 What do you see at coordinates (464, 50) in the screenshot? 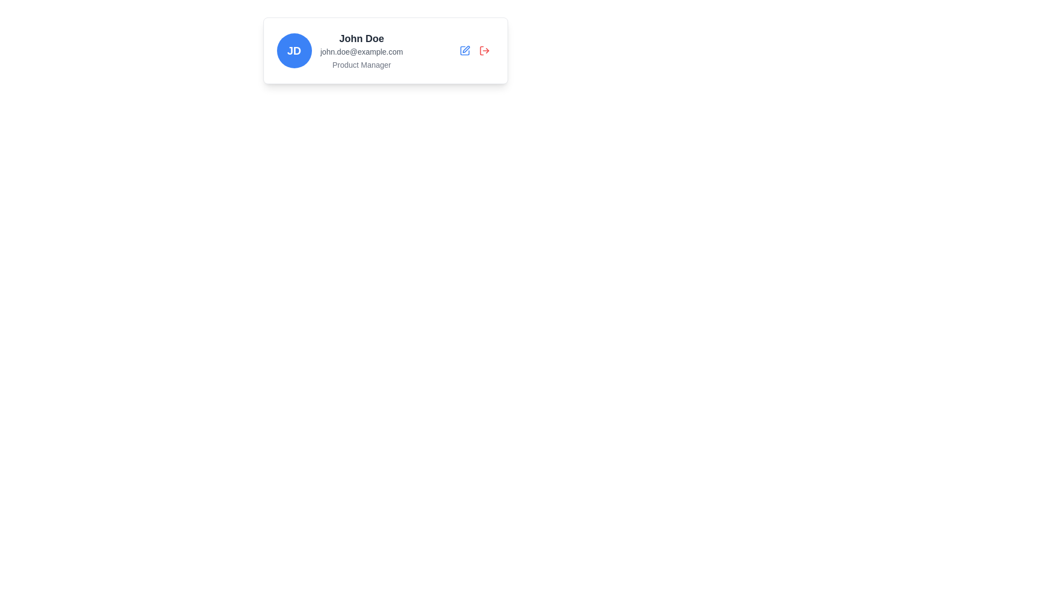
I see `the edit button, which is a minimalistic square with a pen icon, located in the top-right section of the user profile display card` at bounding box center [464, 50].